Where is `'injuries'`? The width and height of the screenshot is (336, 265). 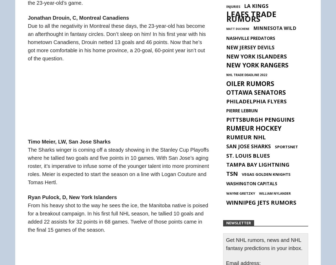 'injuries' is located at coordinates (233, 6).